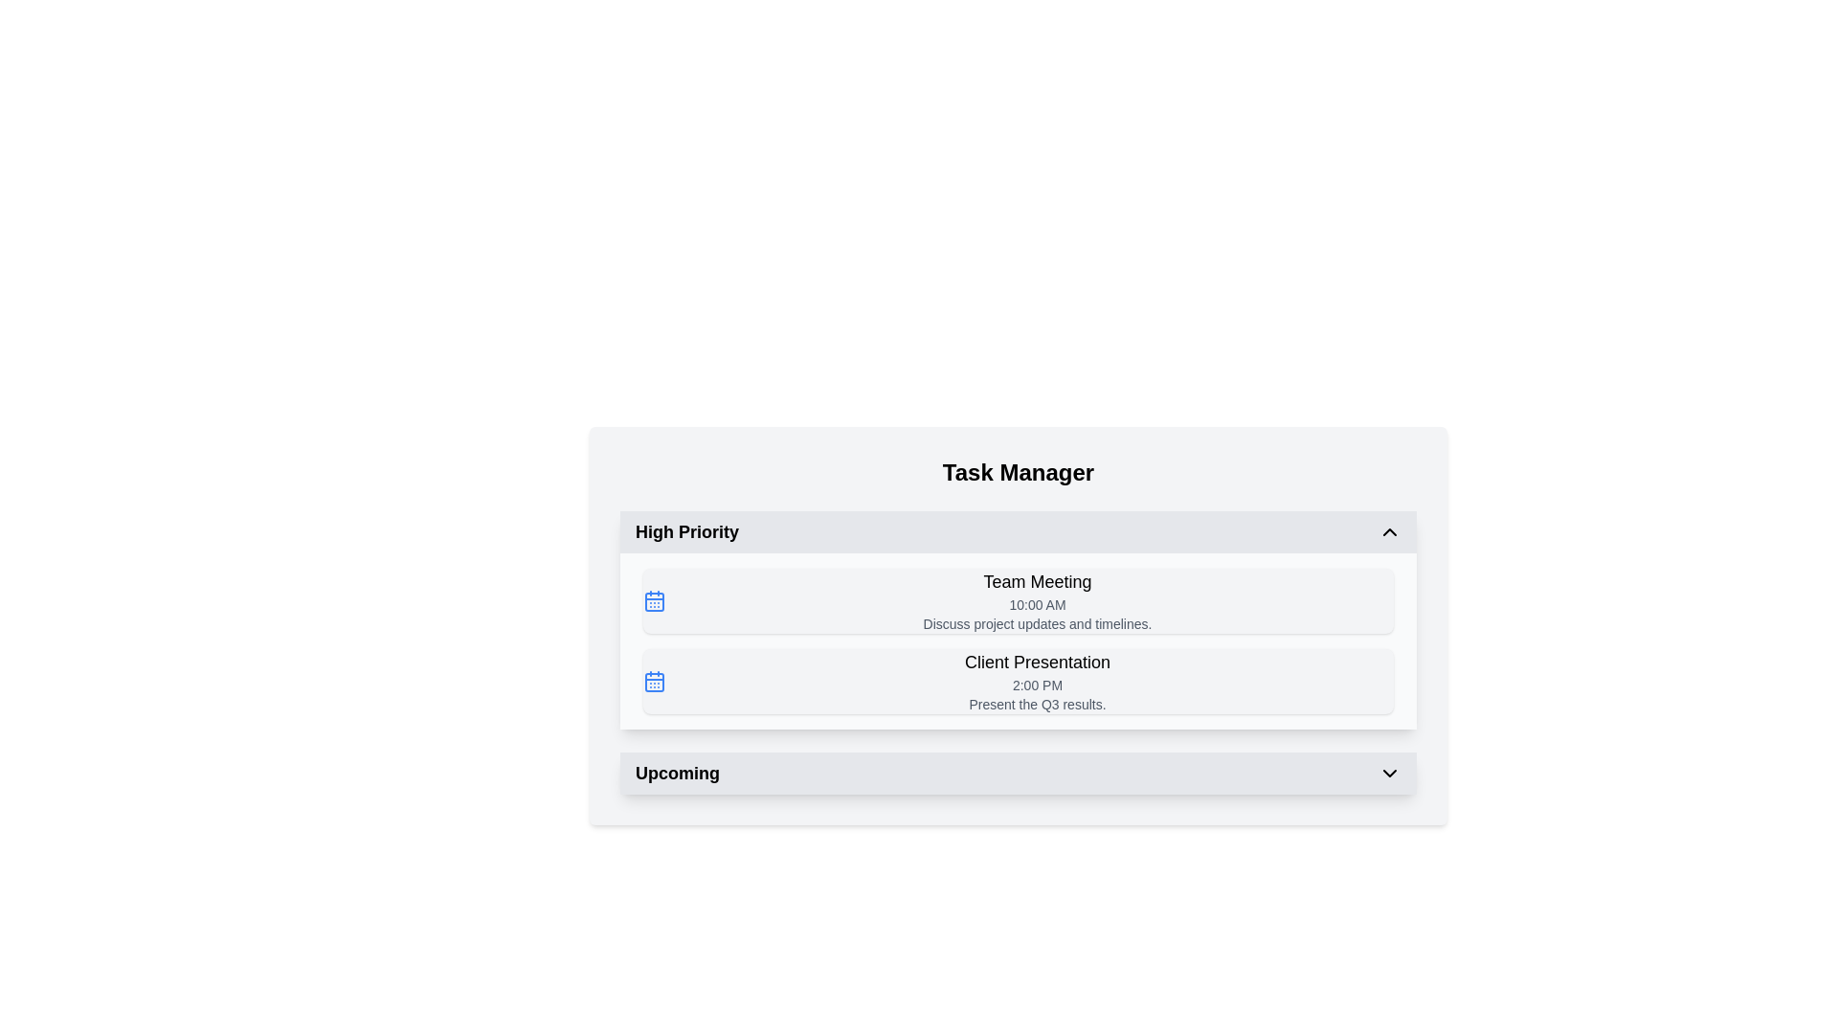 This screenshot has height=1034, width=1838. I want to click on the calendar icon on the leftmost side of the 'Team Meeting' section, so click(655, 600).